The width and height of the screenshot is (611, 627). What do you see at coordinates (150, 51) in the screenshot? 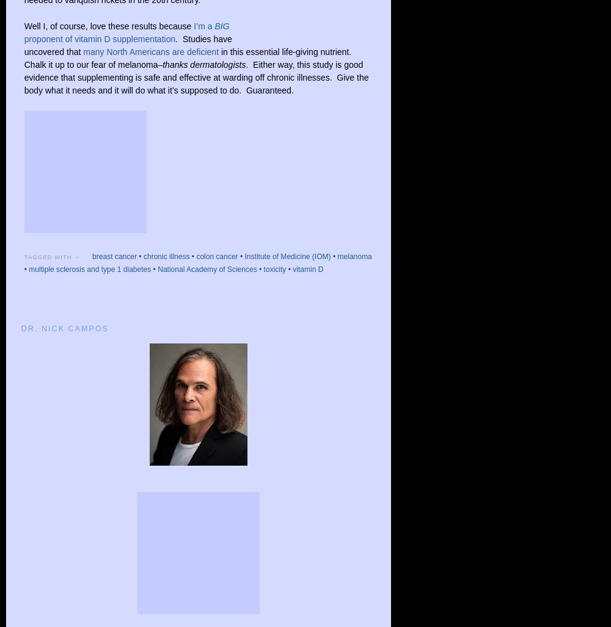
I see `'many North Americans are deficient'` at bounding box center [150, 51].